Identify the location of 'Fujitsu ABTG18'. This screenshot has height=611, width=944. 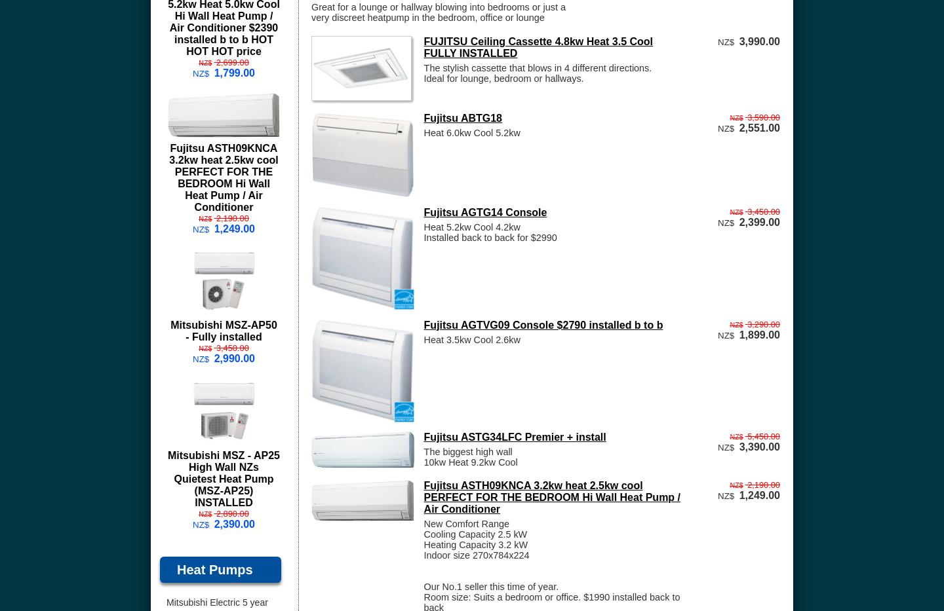
(422, 117).